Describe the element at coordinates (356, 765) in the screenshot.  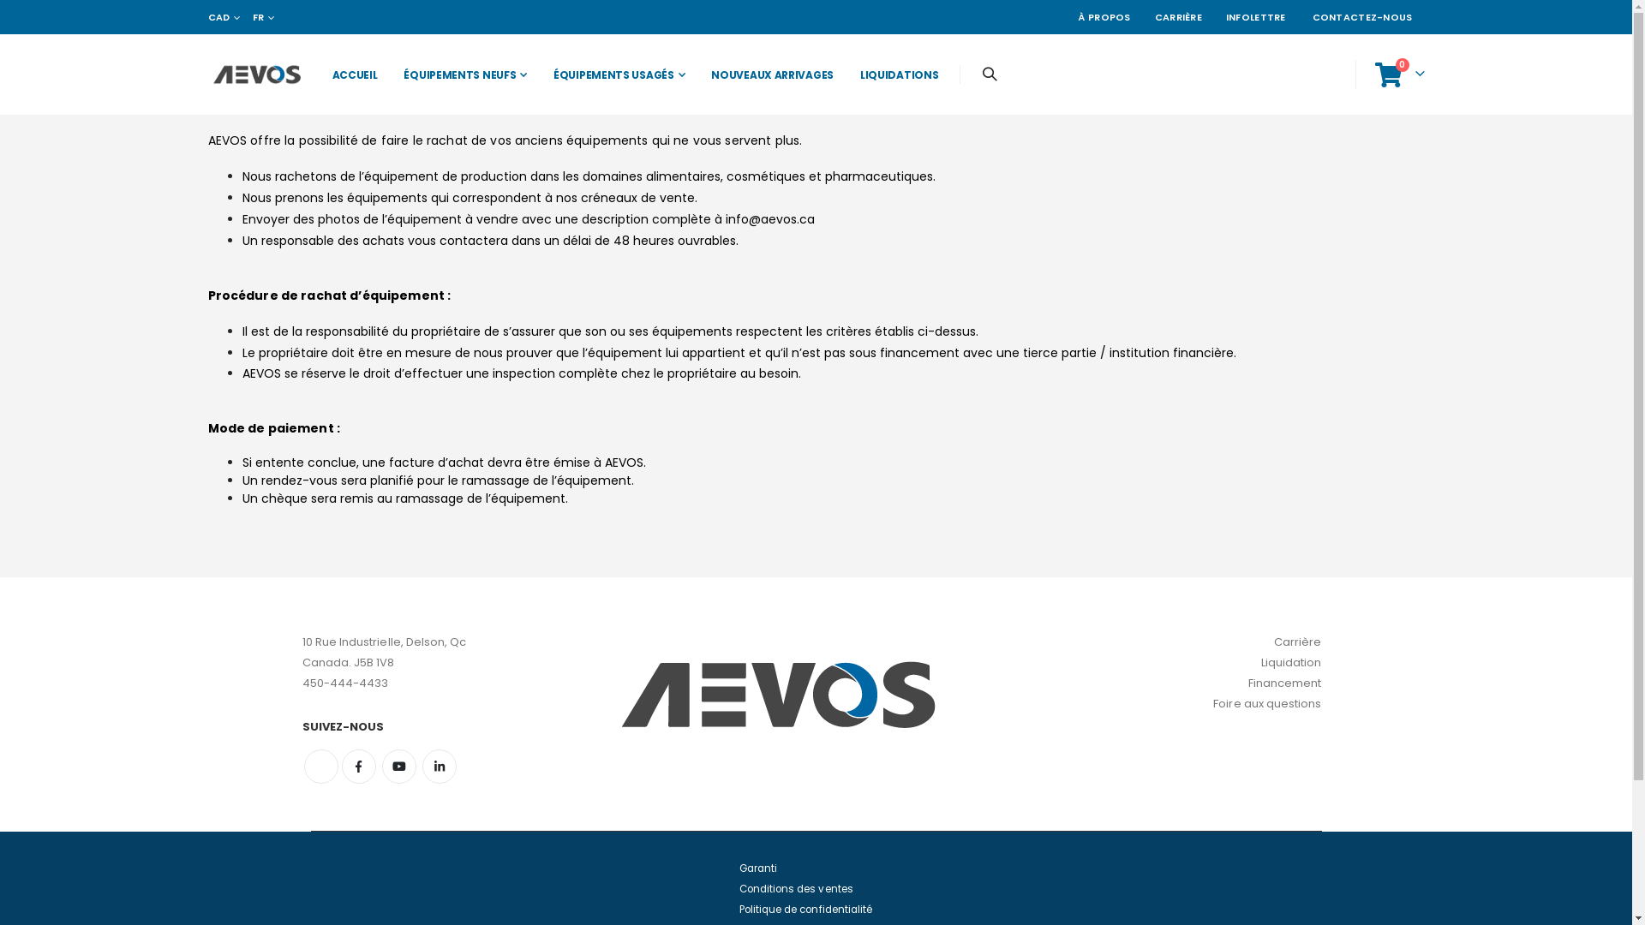
I see `'Facebook'` at that location.